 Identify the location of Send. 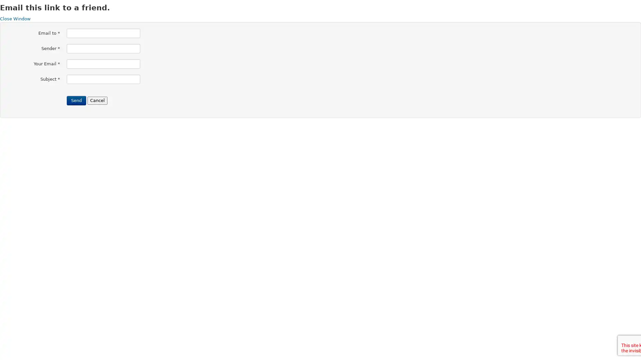
(76, 100).